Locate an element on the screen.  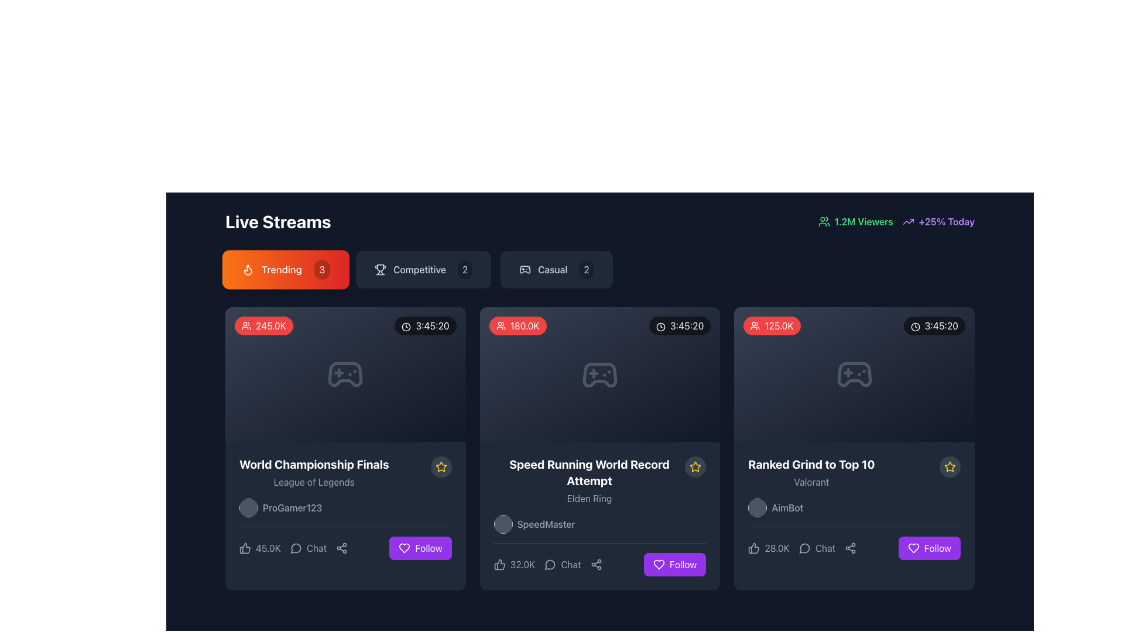
the Text with icon component displaying '1.2M Viewers', which features a green font and is prefixed by an icon of a group of people is located at coordinates (855, 221).